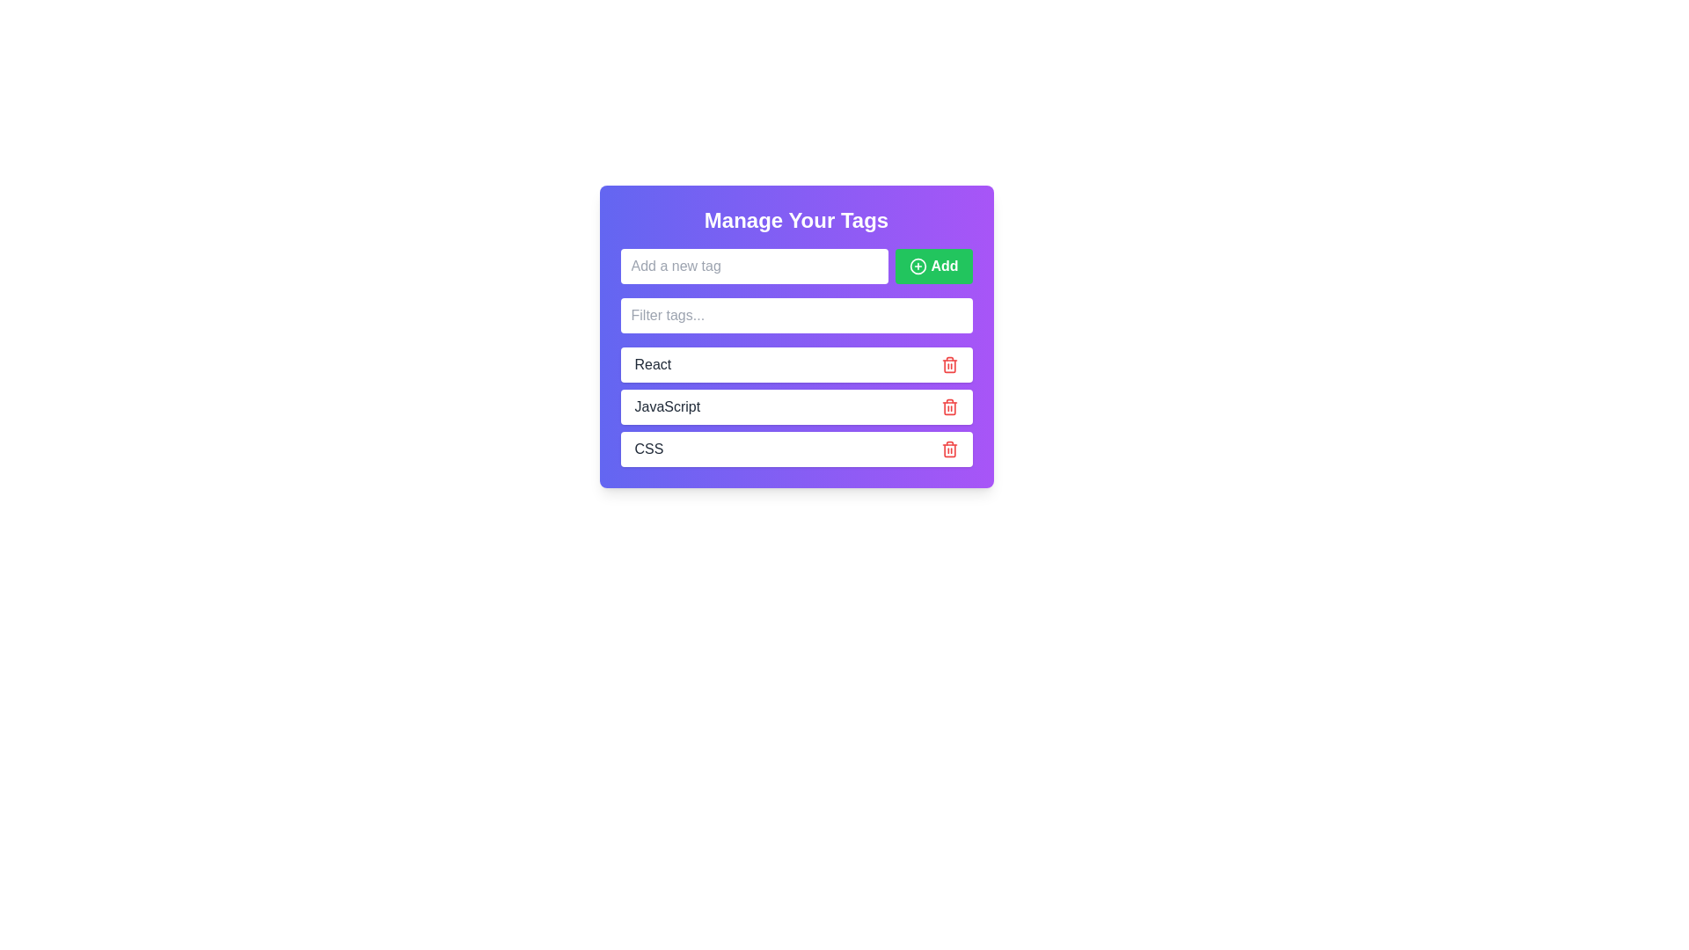 This screenshot has height=950, width=1689. I want to click on the text label element displaying 'CSS', which is styled with a dark font and located within a rounded rectangle, positioned in the last row beneath 'JavaScript' and next to a delete icon, so click(647, 448).